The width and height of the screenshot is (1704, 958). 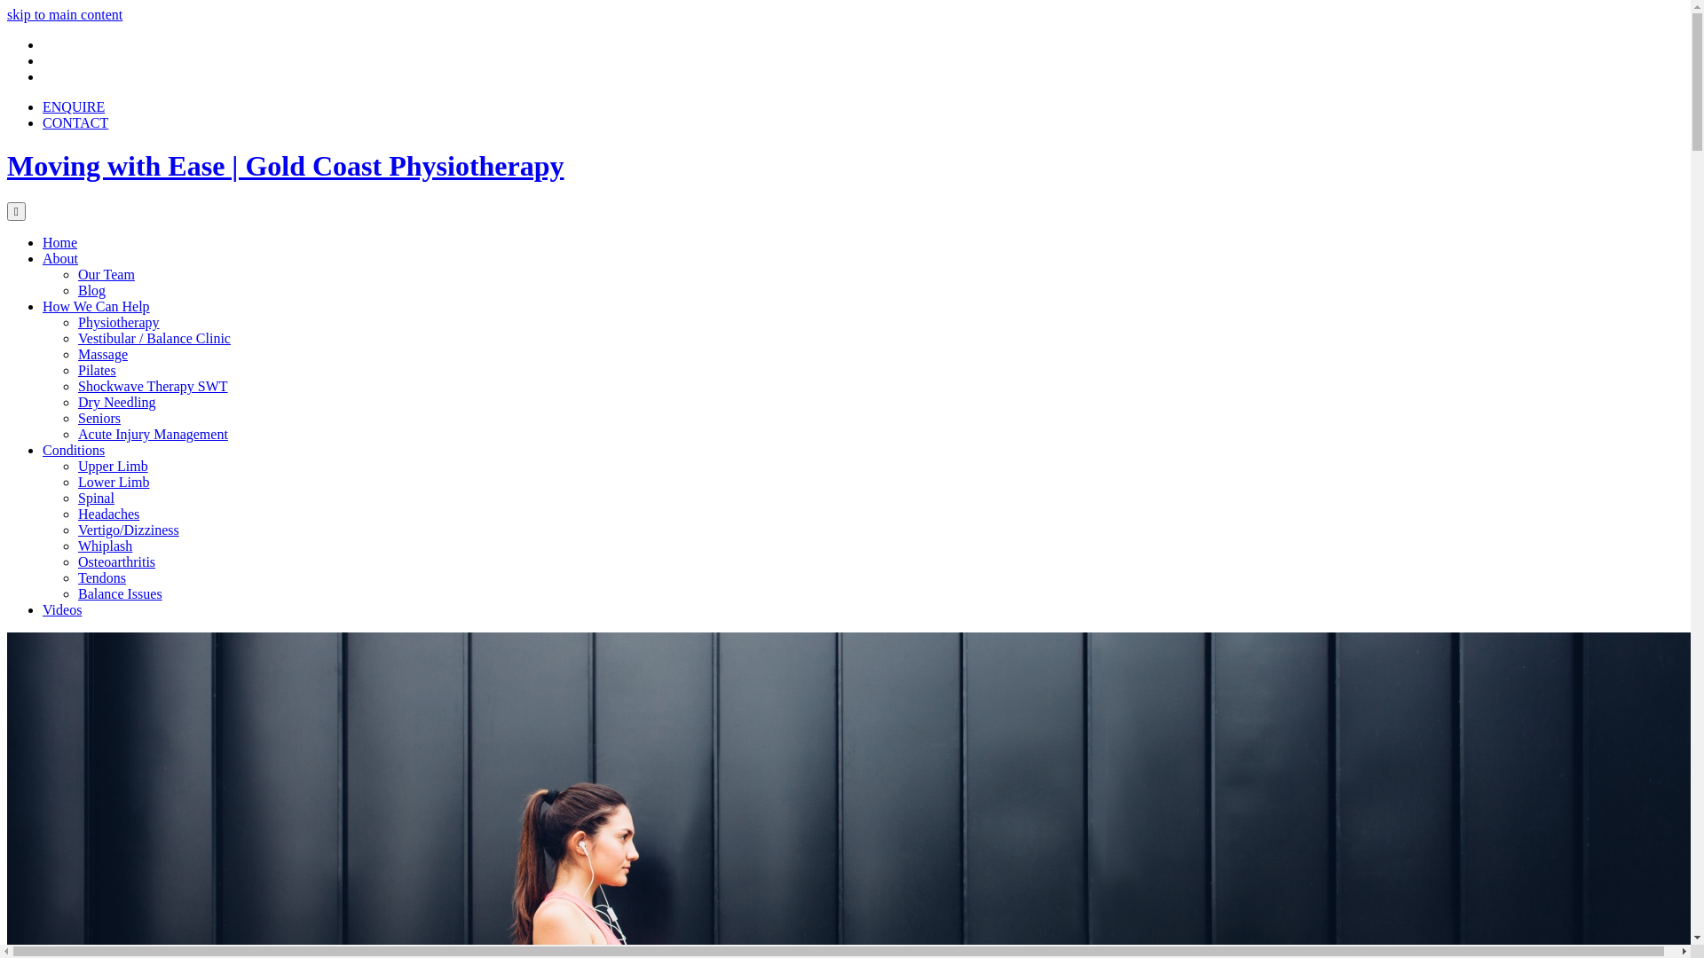 What do you see at coordinates (96, 369) in the screenshot?
I see `'Pilates'` at bounding box center [96, 369].